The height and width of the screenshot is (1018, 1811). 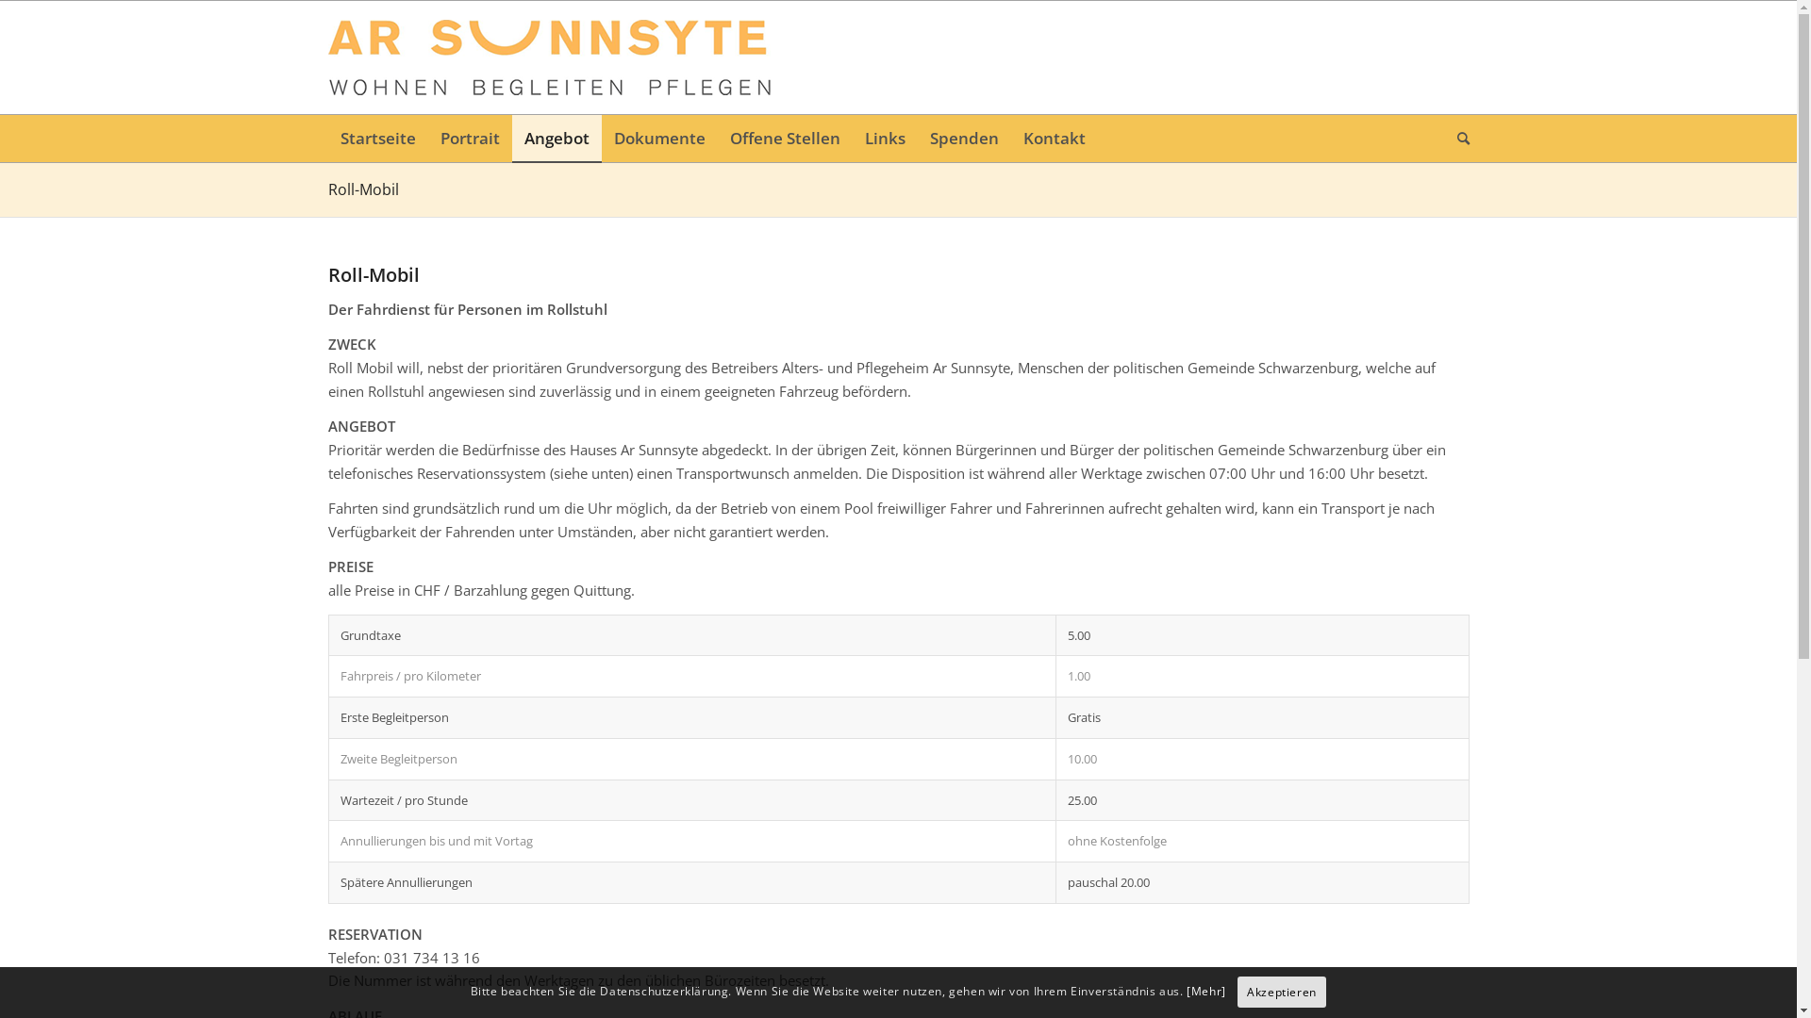 What do you see at coordinates (363, 189) in the screenshot?
I see `'Roll-Mobil'` at bounding box center [363, 189].